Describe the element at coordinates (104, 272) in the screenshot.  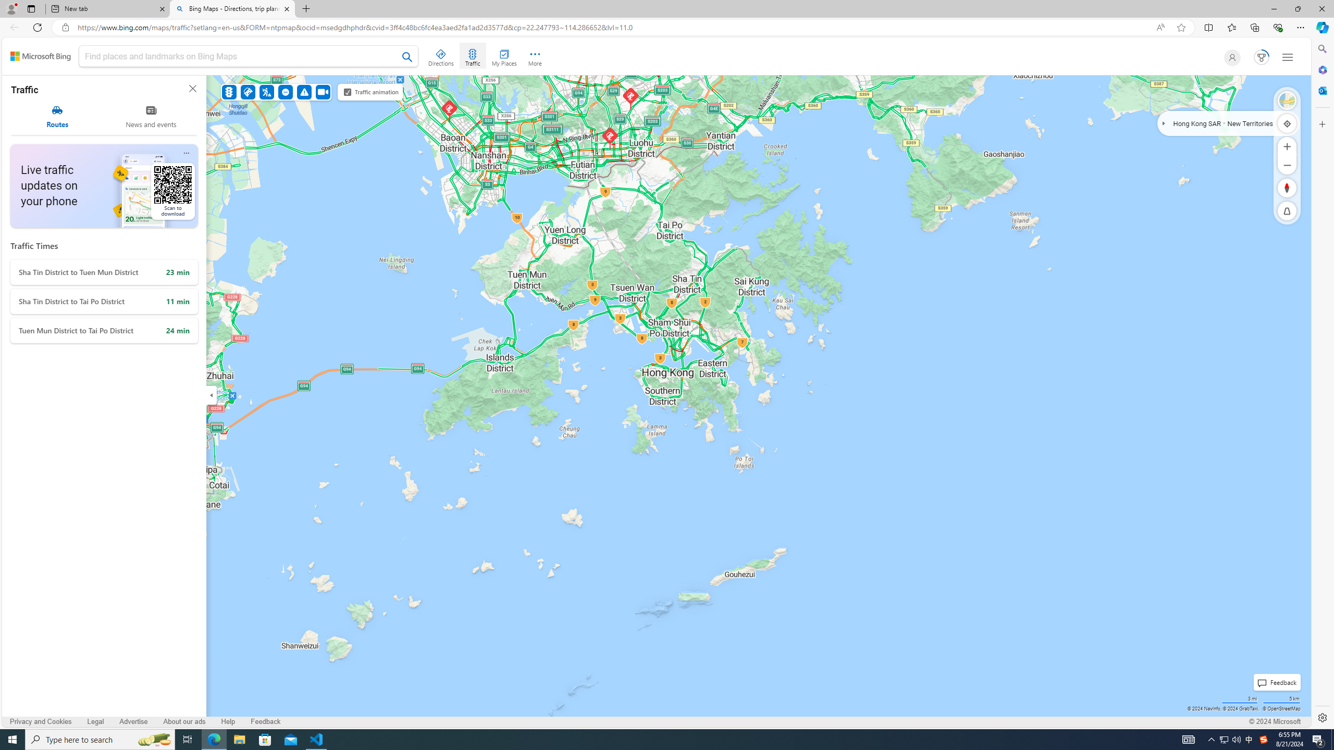
I see `'Sha Tin District to Tuen Mun District'` at that location.